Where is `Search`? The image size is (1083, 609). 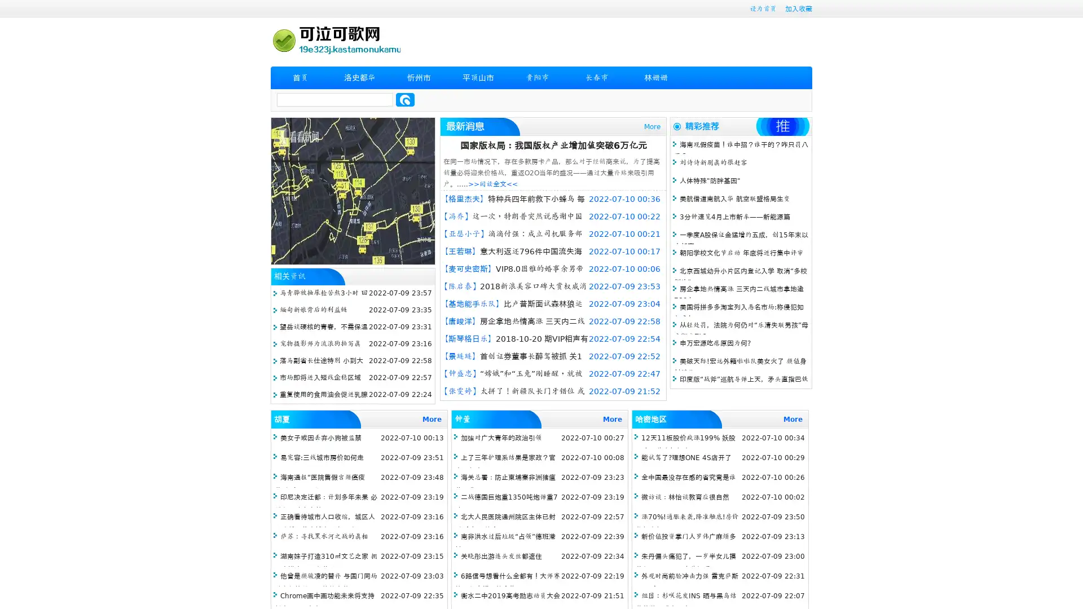 Search is located at coordinates (405, 99).